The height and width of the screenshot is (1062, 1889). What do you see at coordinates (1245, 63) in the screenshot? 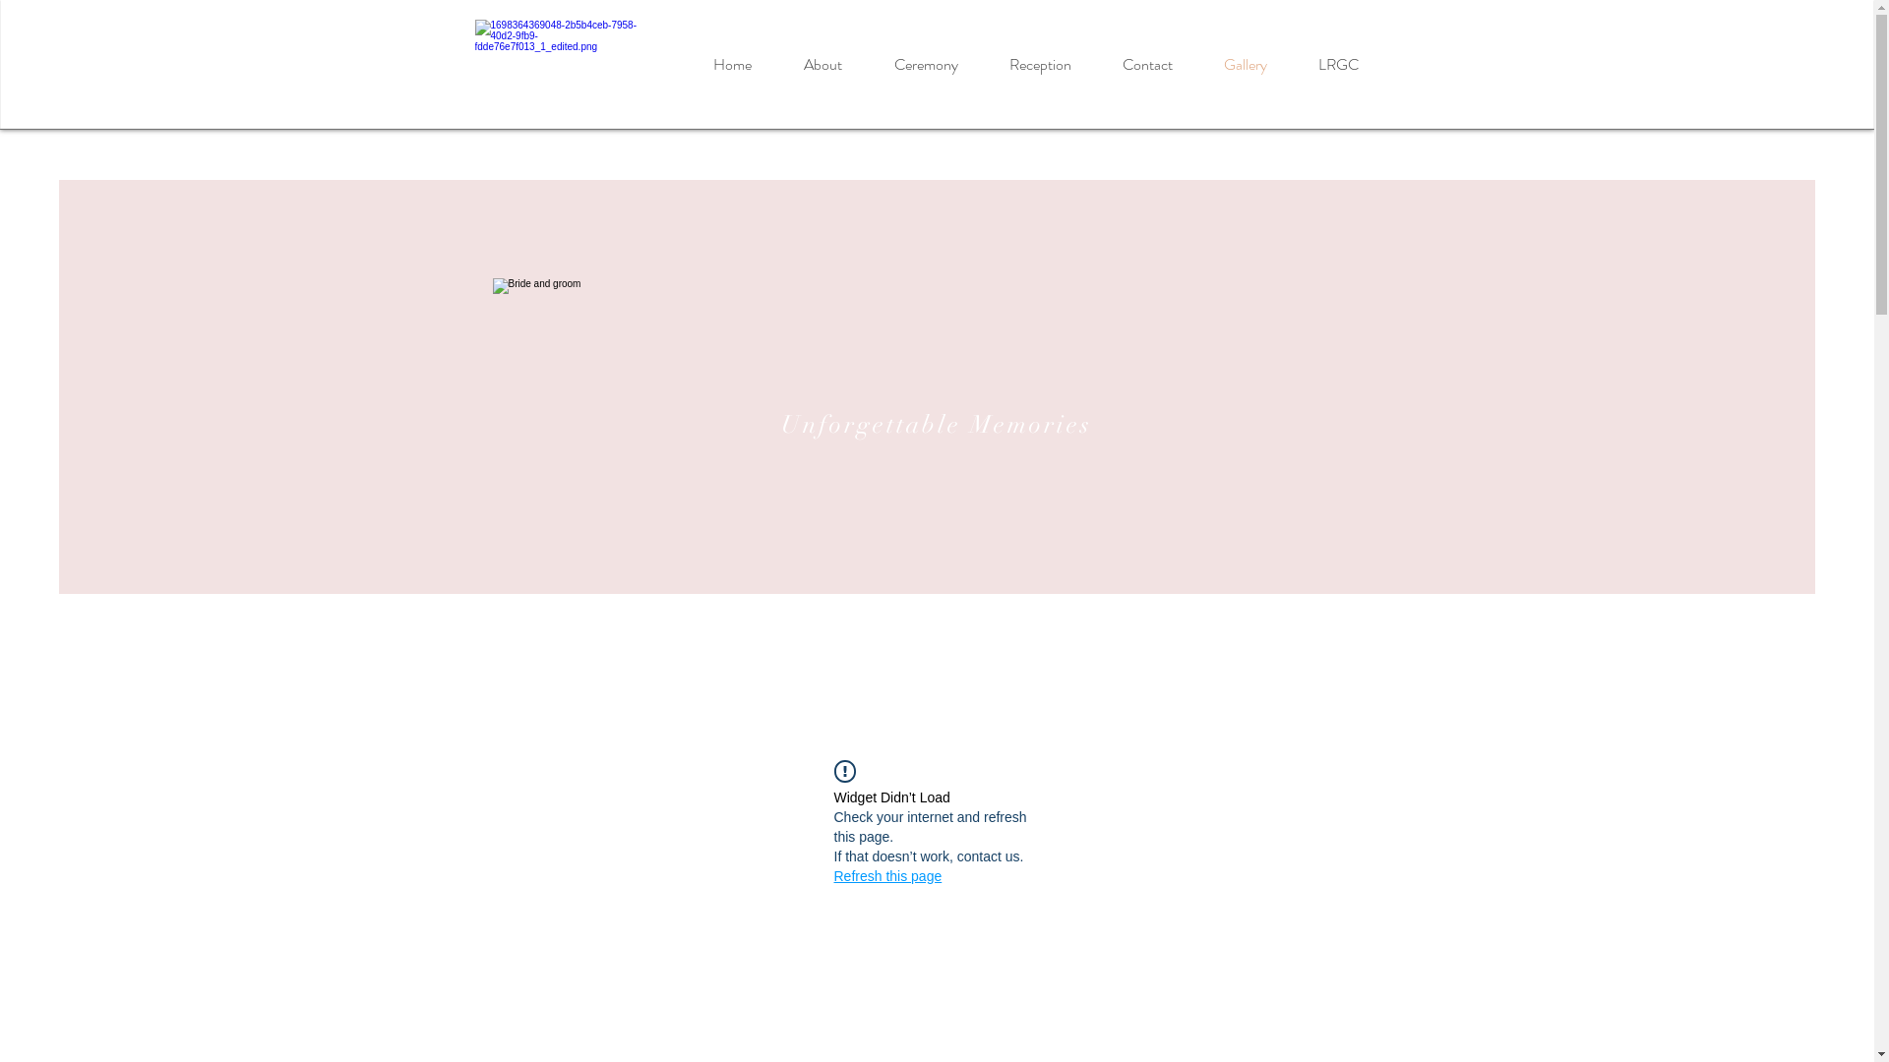
I see `'Gallery'` at bounding box center [1245, 63].